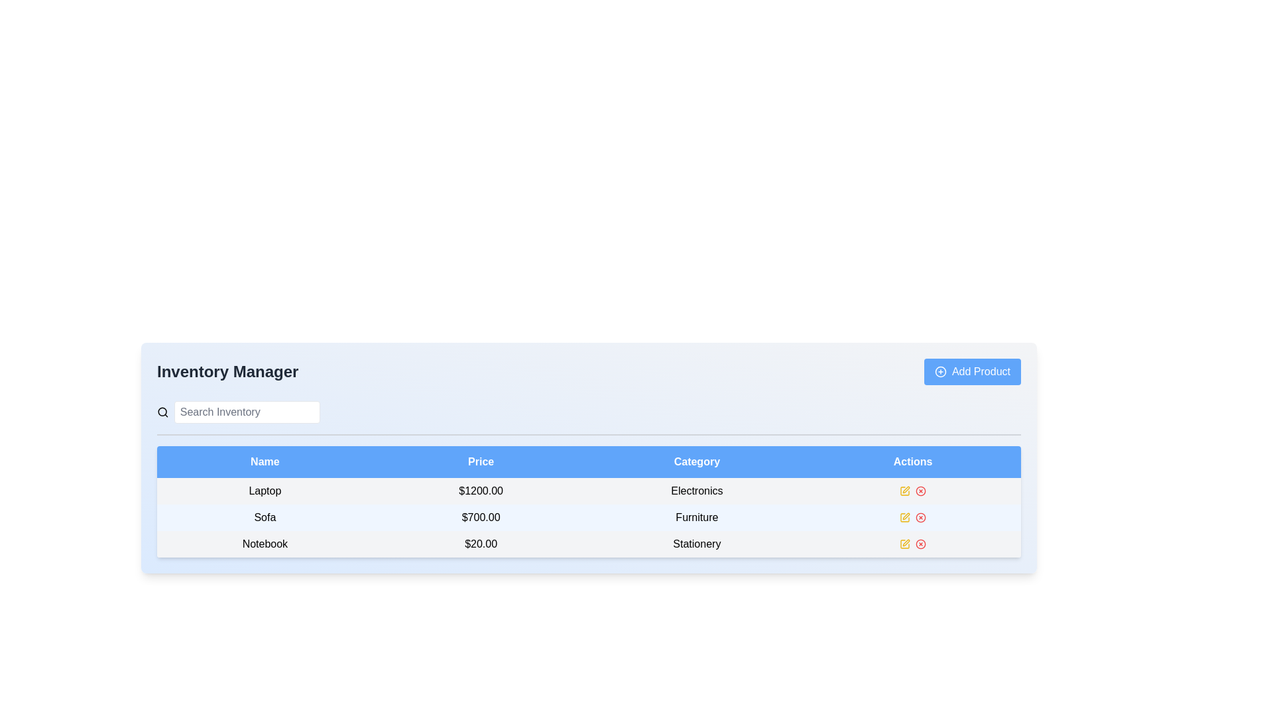  What do you see at coordinates (480, 461) in the screenshot?
I see `the 'Price' text label, which is styled in bold and located in the header of a table, positioned between 'Name' and 'Category'` at bounding box center [480, 461].